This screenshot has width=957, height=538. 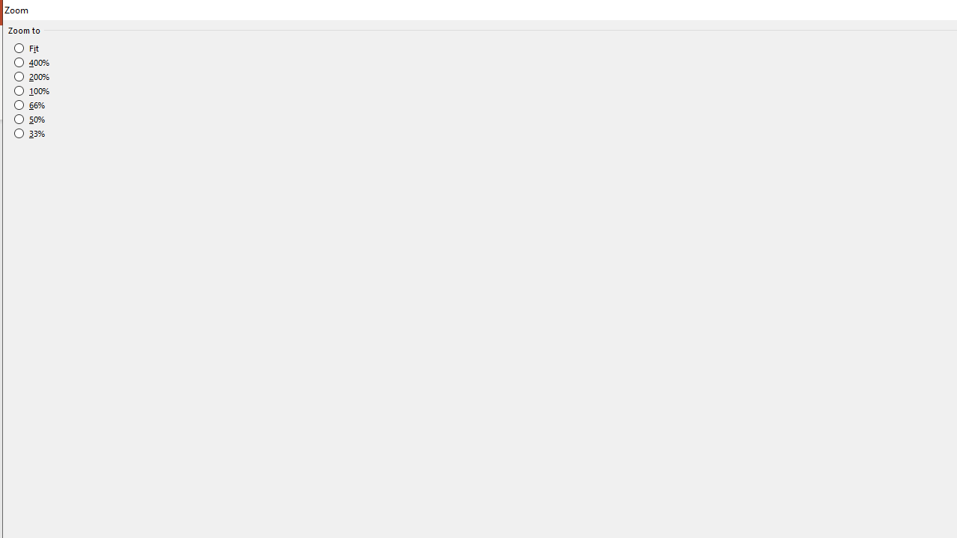 I want to click on '66%', so click(x=30, y=105).